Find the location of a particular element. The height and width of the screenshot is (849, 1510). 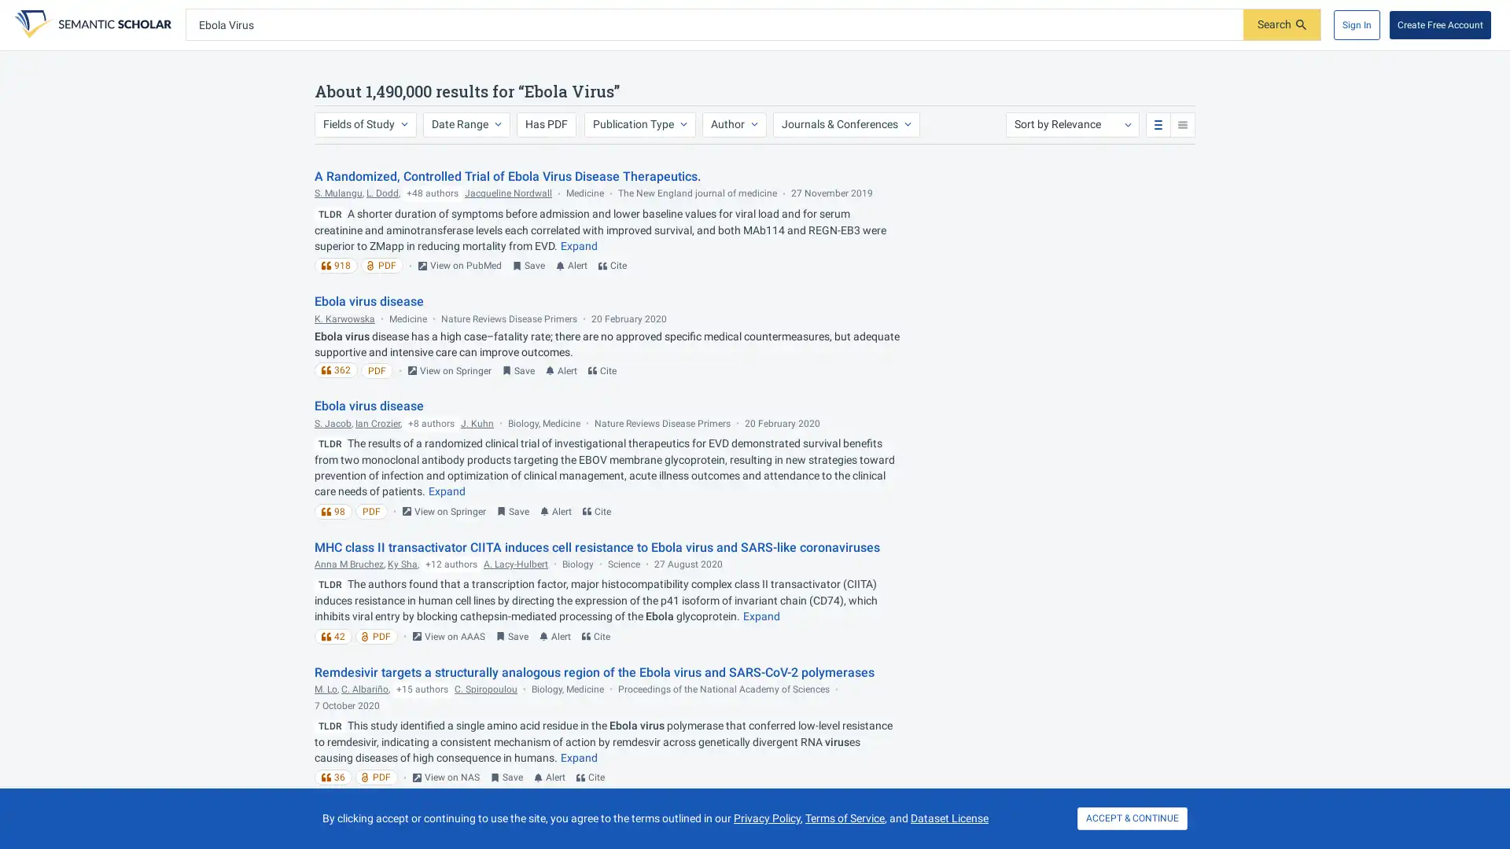

Expand truncated text is located at coordinates (761, 616).